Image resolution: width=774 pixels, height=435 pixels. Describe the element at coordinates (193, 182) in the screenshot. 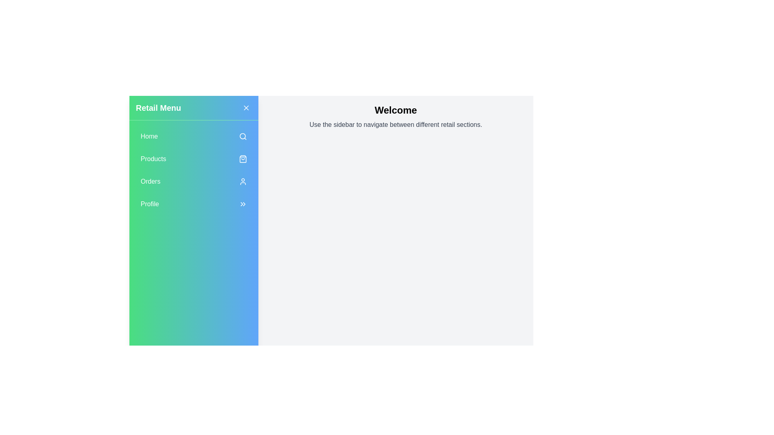

I see `the 'Orders' menu item in the sidebar` at that location.